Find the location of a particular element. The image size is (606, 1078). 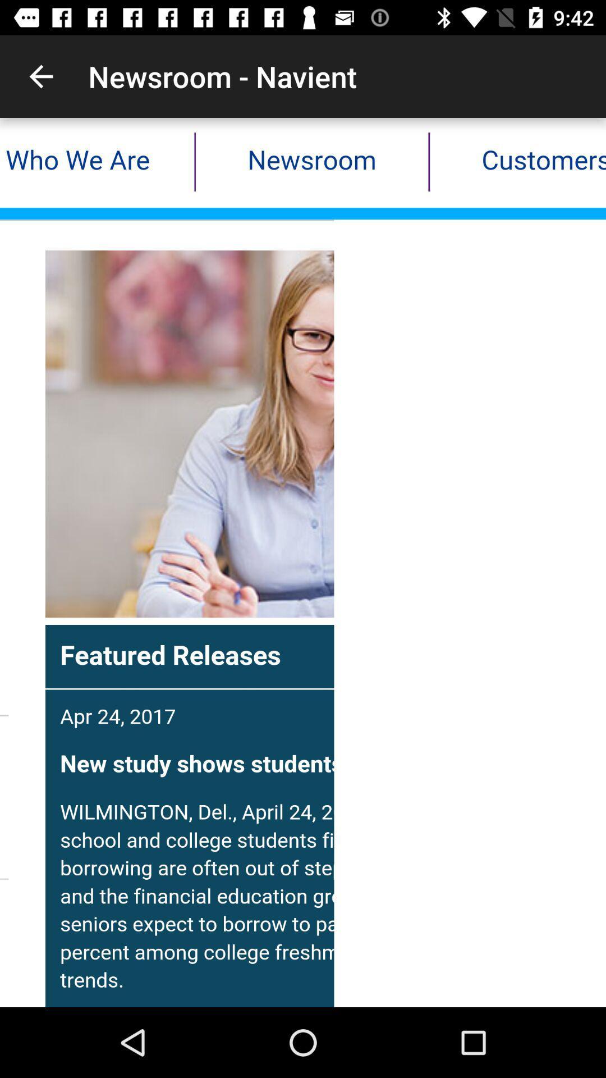

newsroom app news content is located at coordinates (303, 563).